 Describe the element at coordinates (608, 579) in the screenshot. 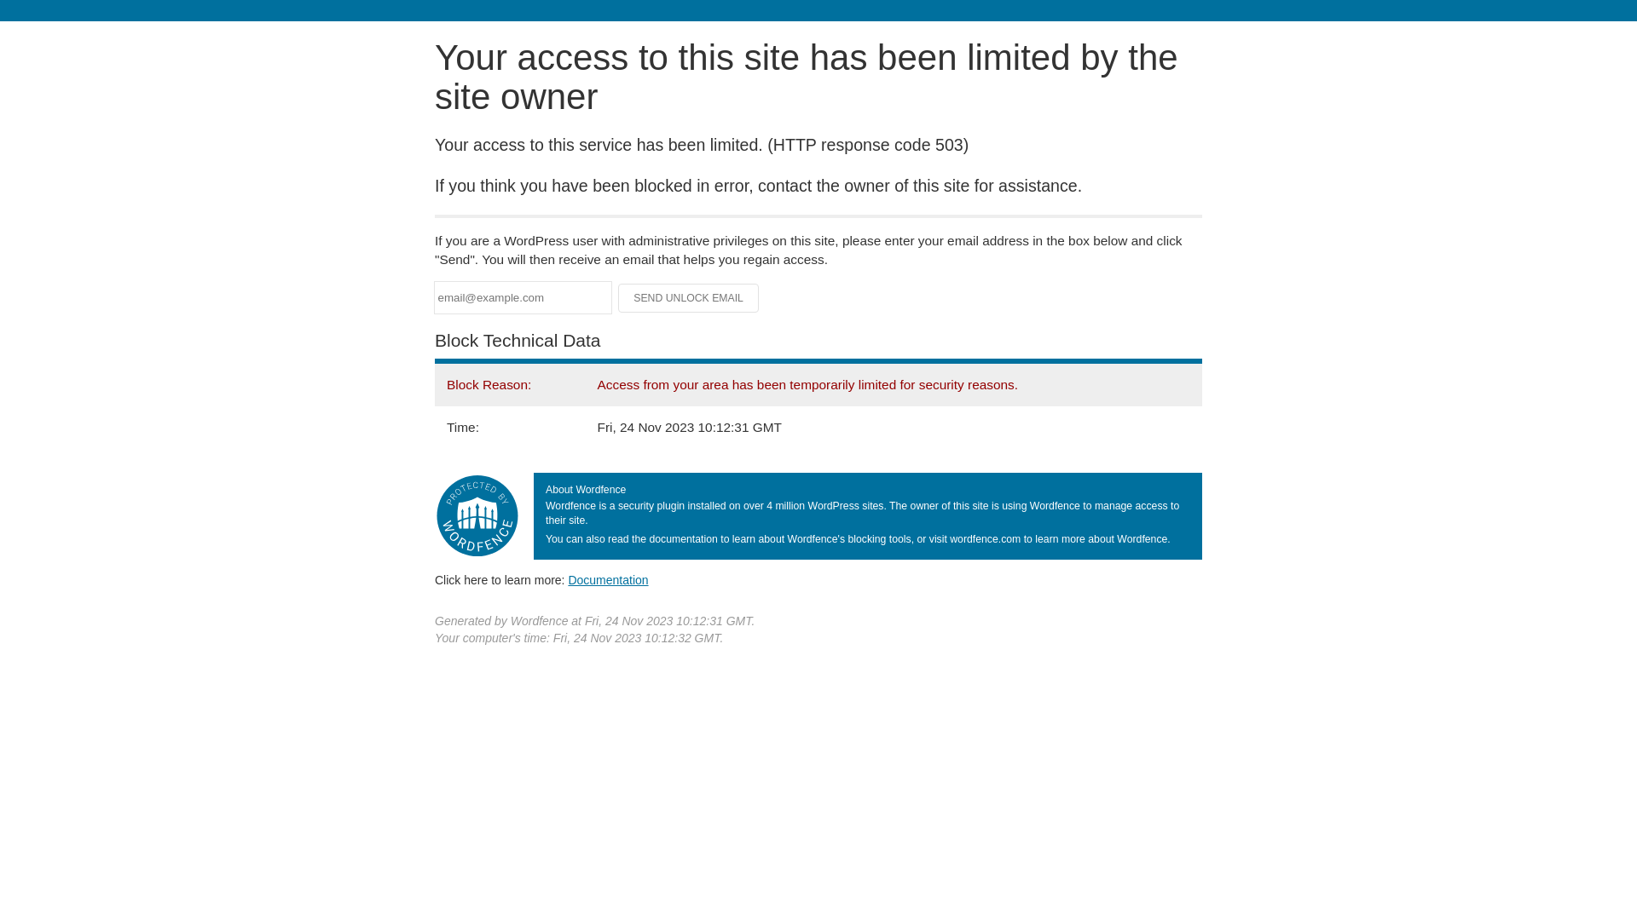

I see `'Documentation'` at that location.